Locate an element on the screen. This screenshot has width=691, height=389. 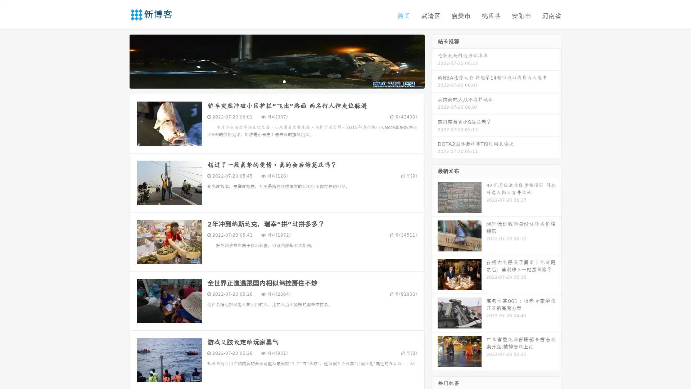
Previous slide is located at coordinates (119, 61).